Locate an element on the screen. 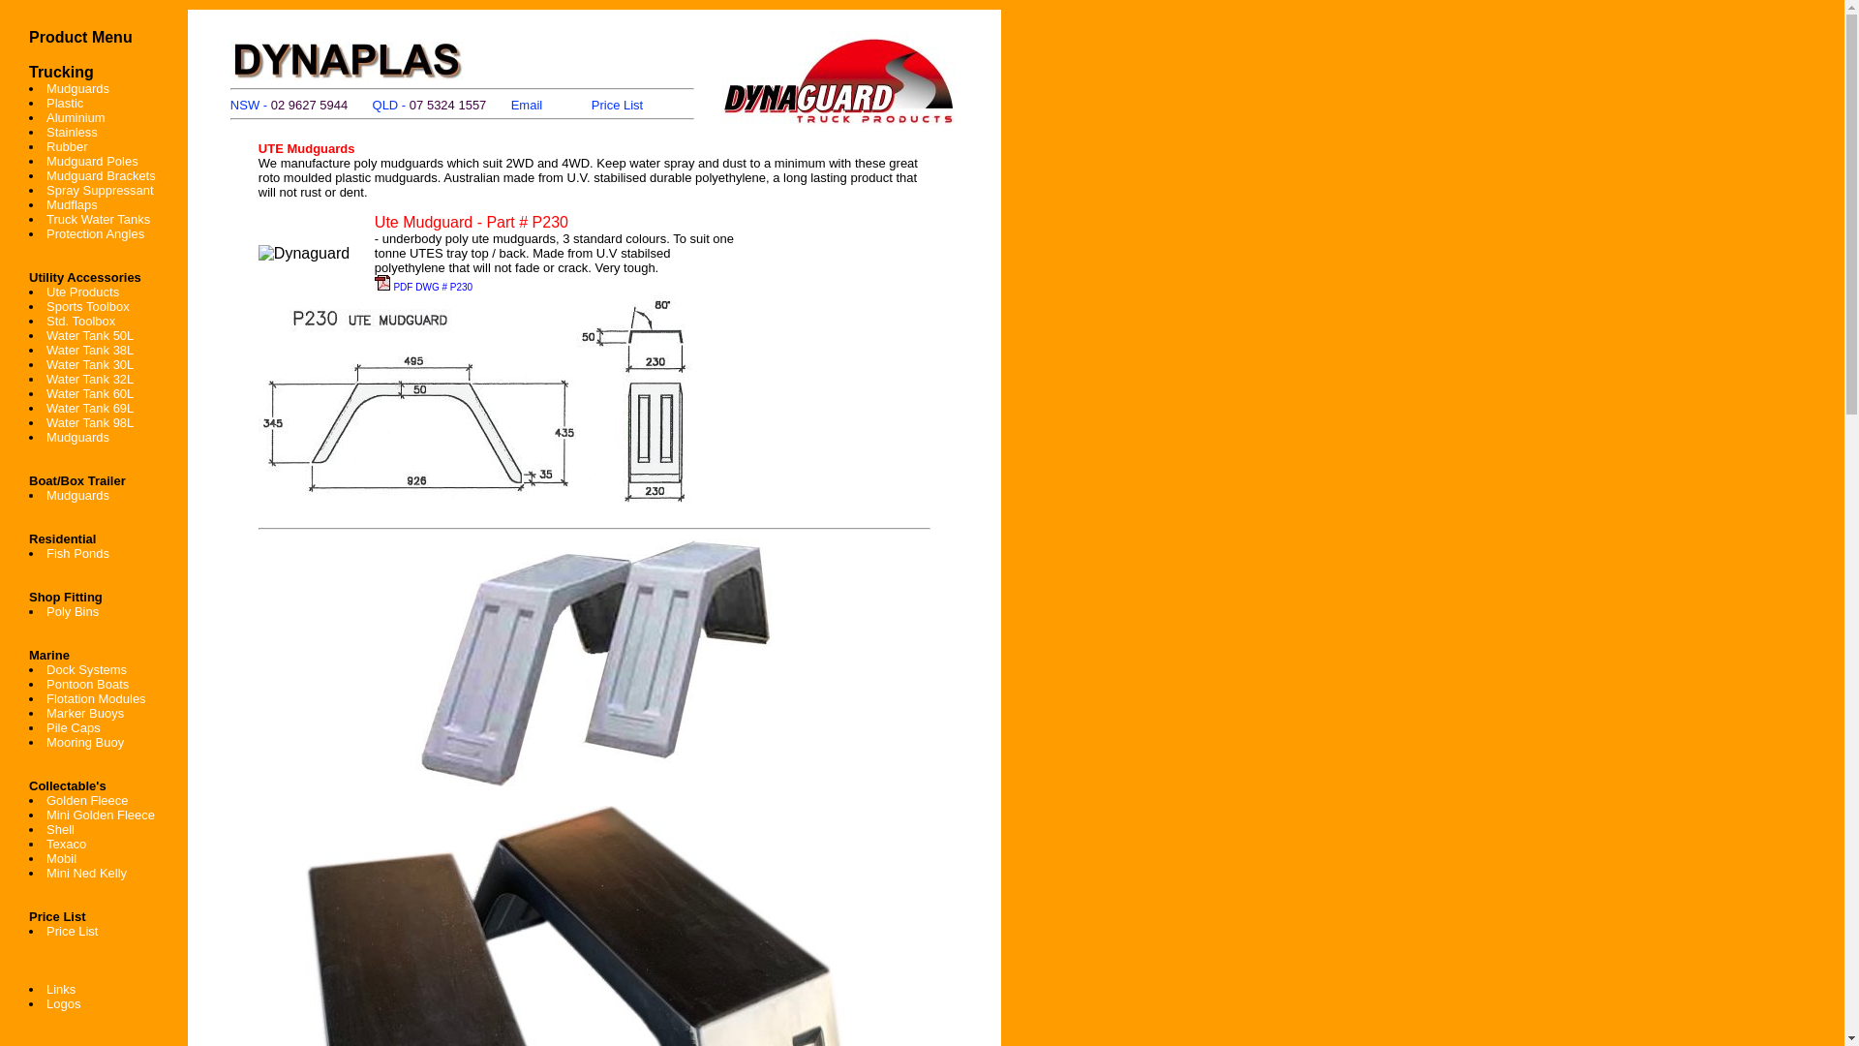  'Std. Toolbox' is located at coordinates (46, 320).